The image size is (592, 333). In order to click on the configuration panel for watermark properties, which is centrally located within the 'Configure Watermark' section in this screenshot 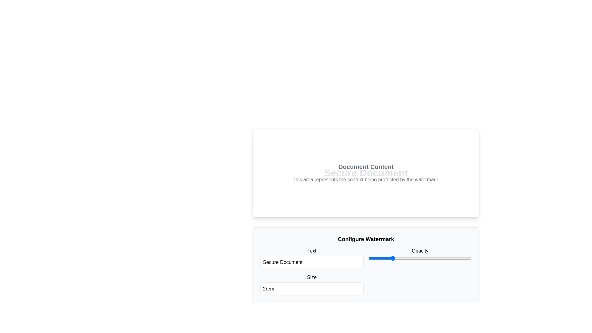, I will do `click(366, 271)`.